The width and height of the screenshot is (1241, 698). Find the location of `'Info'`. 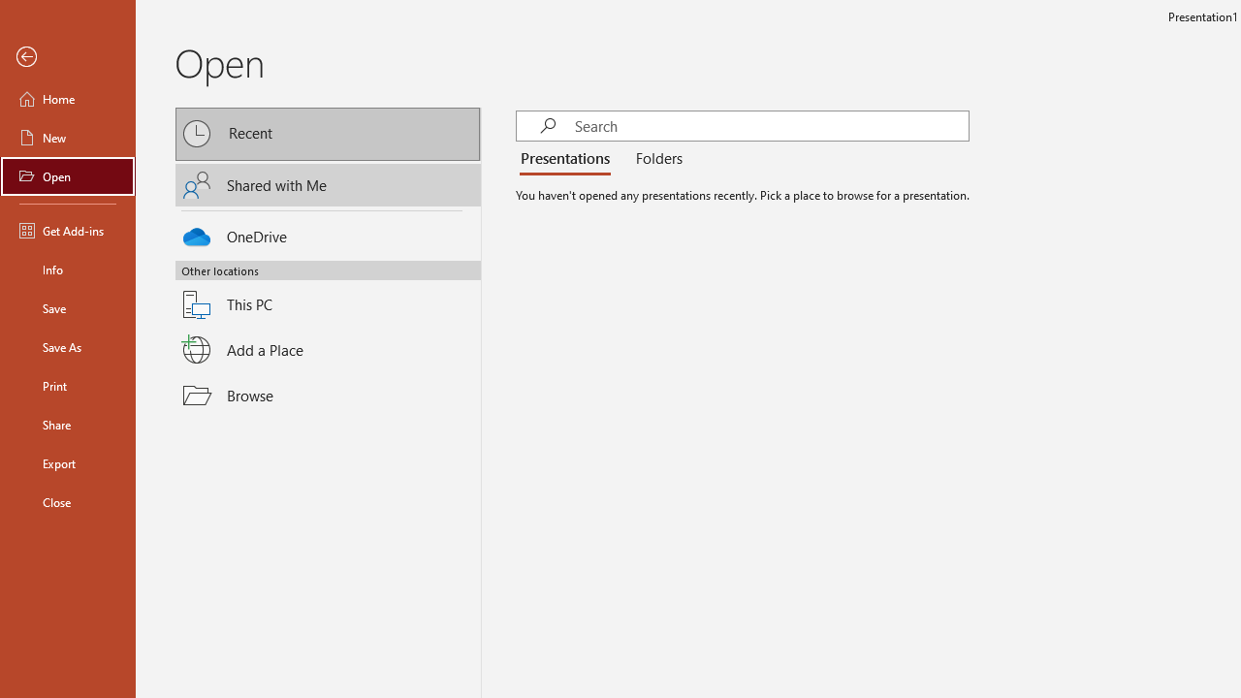

'Info' is located at coordinates (67, 269).